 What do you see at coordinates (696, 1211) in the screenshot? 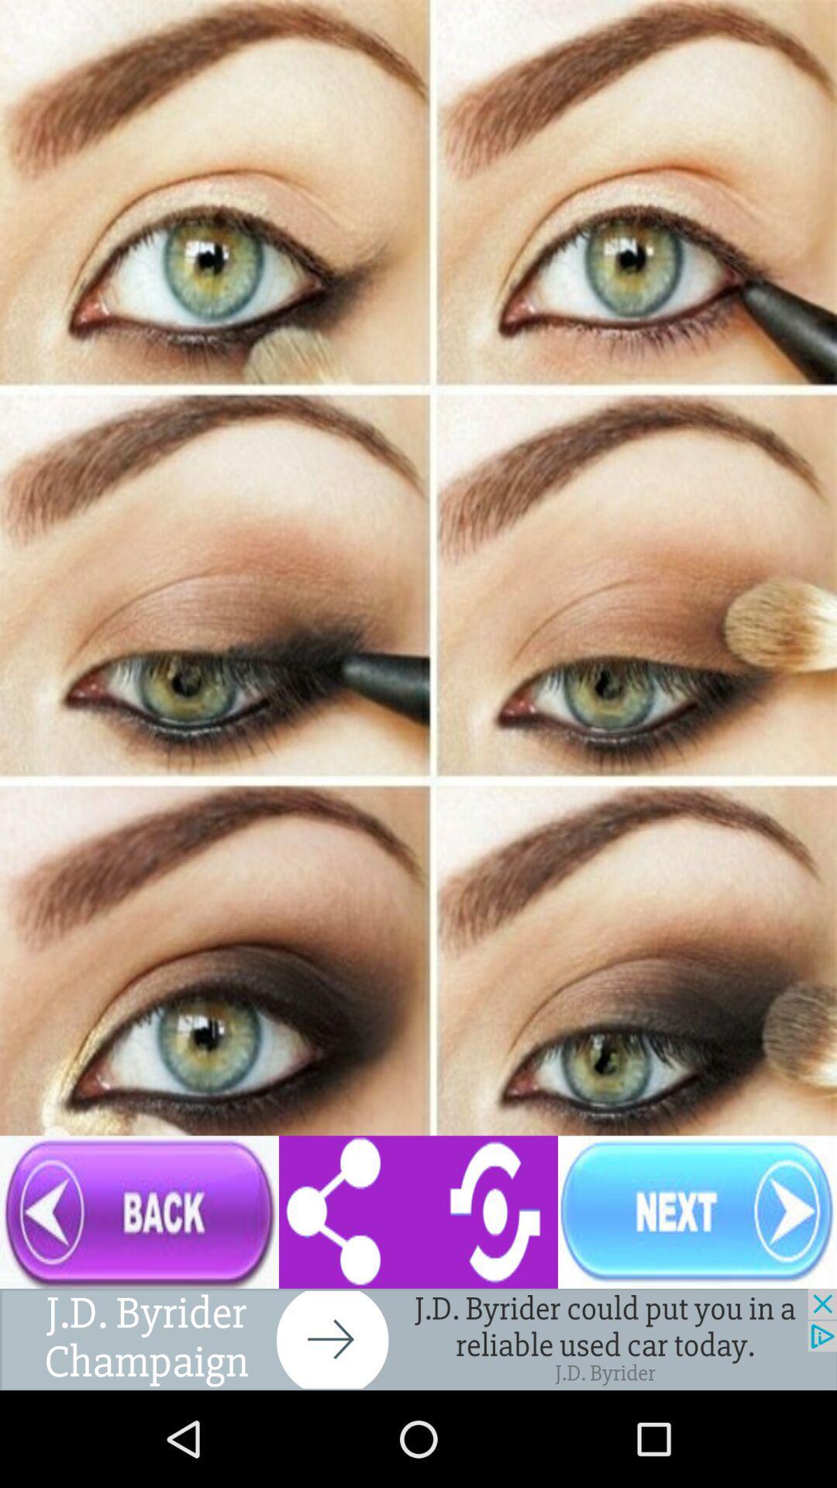
I see `next` at bounding box center [696, 1211].